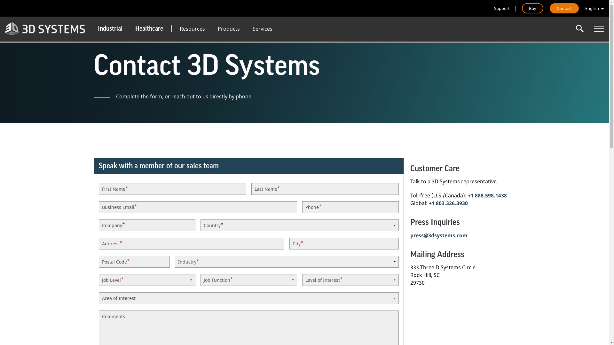 Image resolution: width=614 pixels, height=345 pixels. Describe the element at coordinates (0, 0) in the screenshot. I see `'Skip to main content'` at that location.